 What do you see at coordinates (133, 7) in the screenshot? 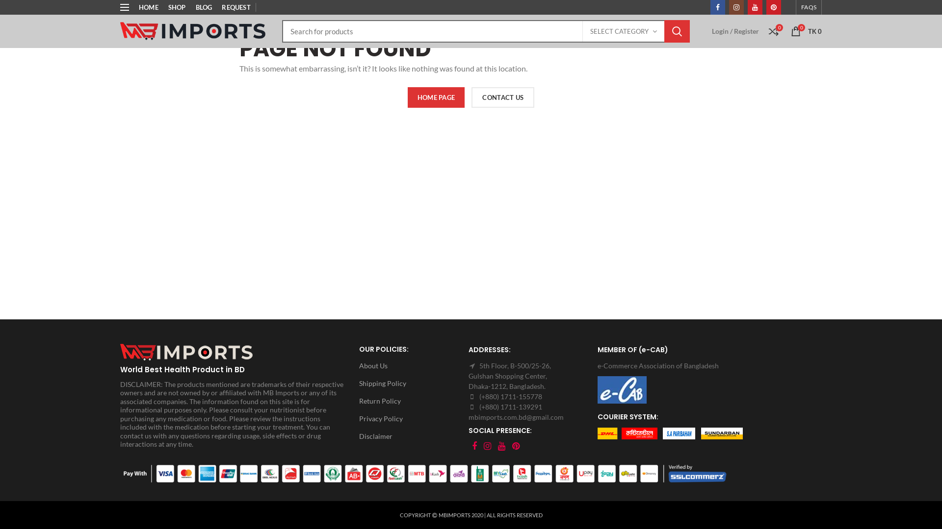
I see `'HOME'` at bounding box center [133, 7].